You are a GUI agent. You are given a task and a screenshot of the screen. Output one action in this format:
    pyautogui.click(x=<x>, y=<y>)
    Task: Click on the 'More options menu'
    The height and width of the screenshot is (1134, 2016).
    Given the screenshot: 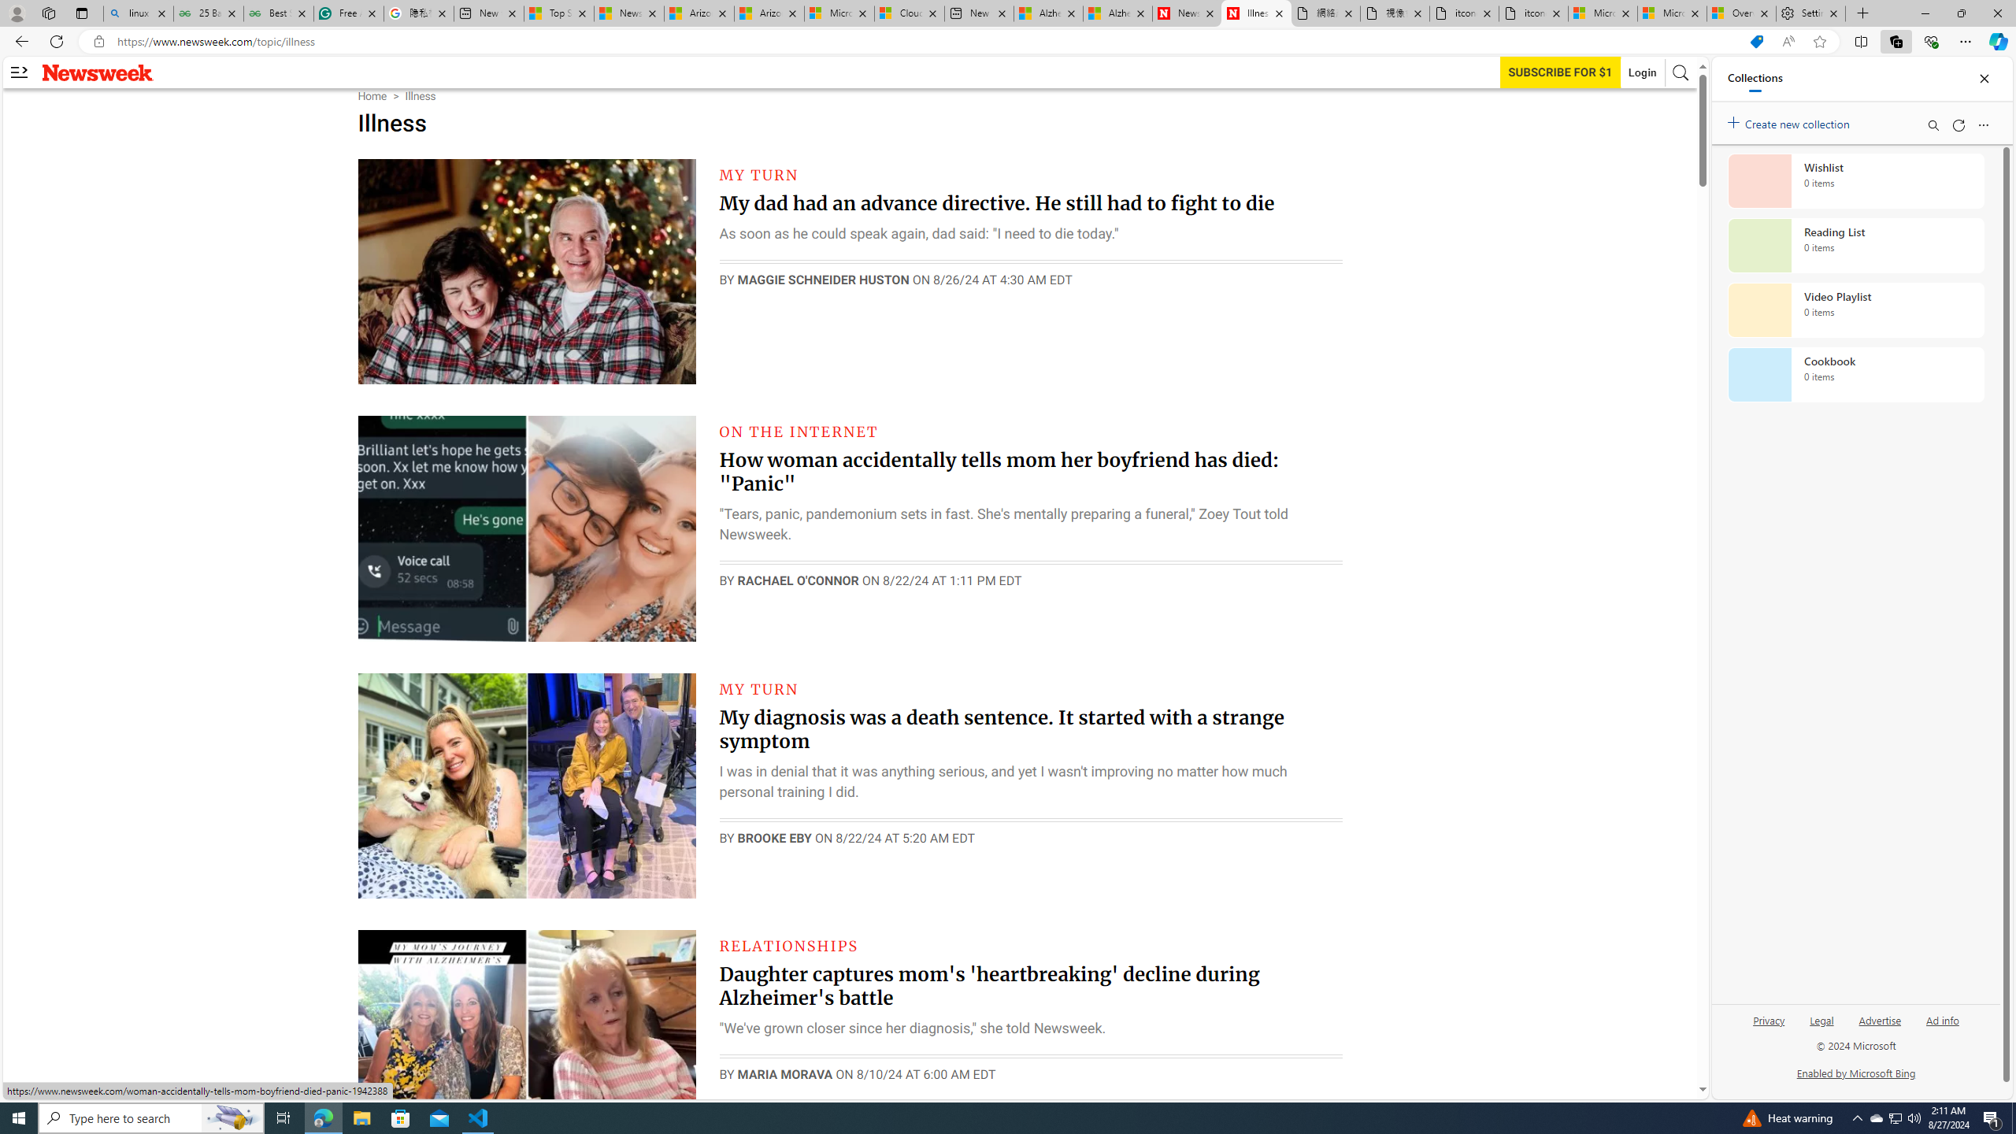 What is the action you would take?
    pyautogui.click(x=1984, y=124)
    